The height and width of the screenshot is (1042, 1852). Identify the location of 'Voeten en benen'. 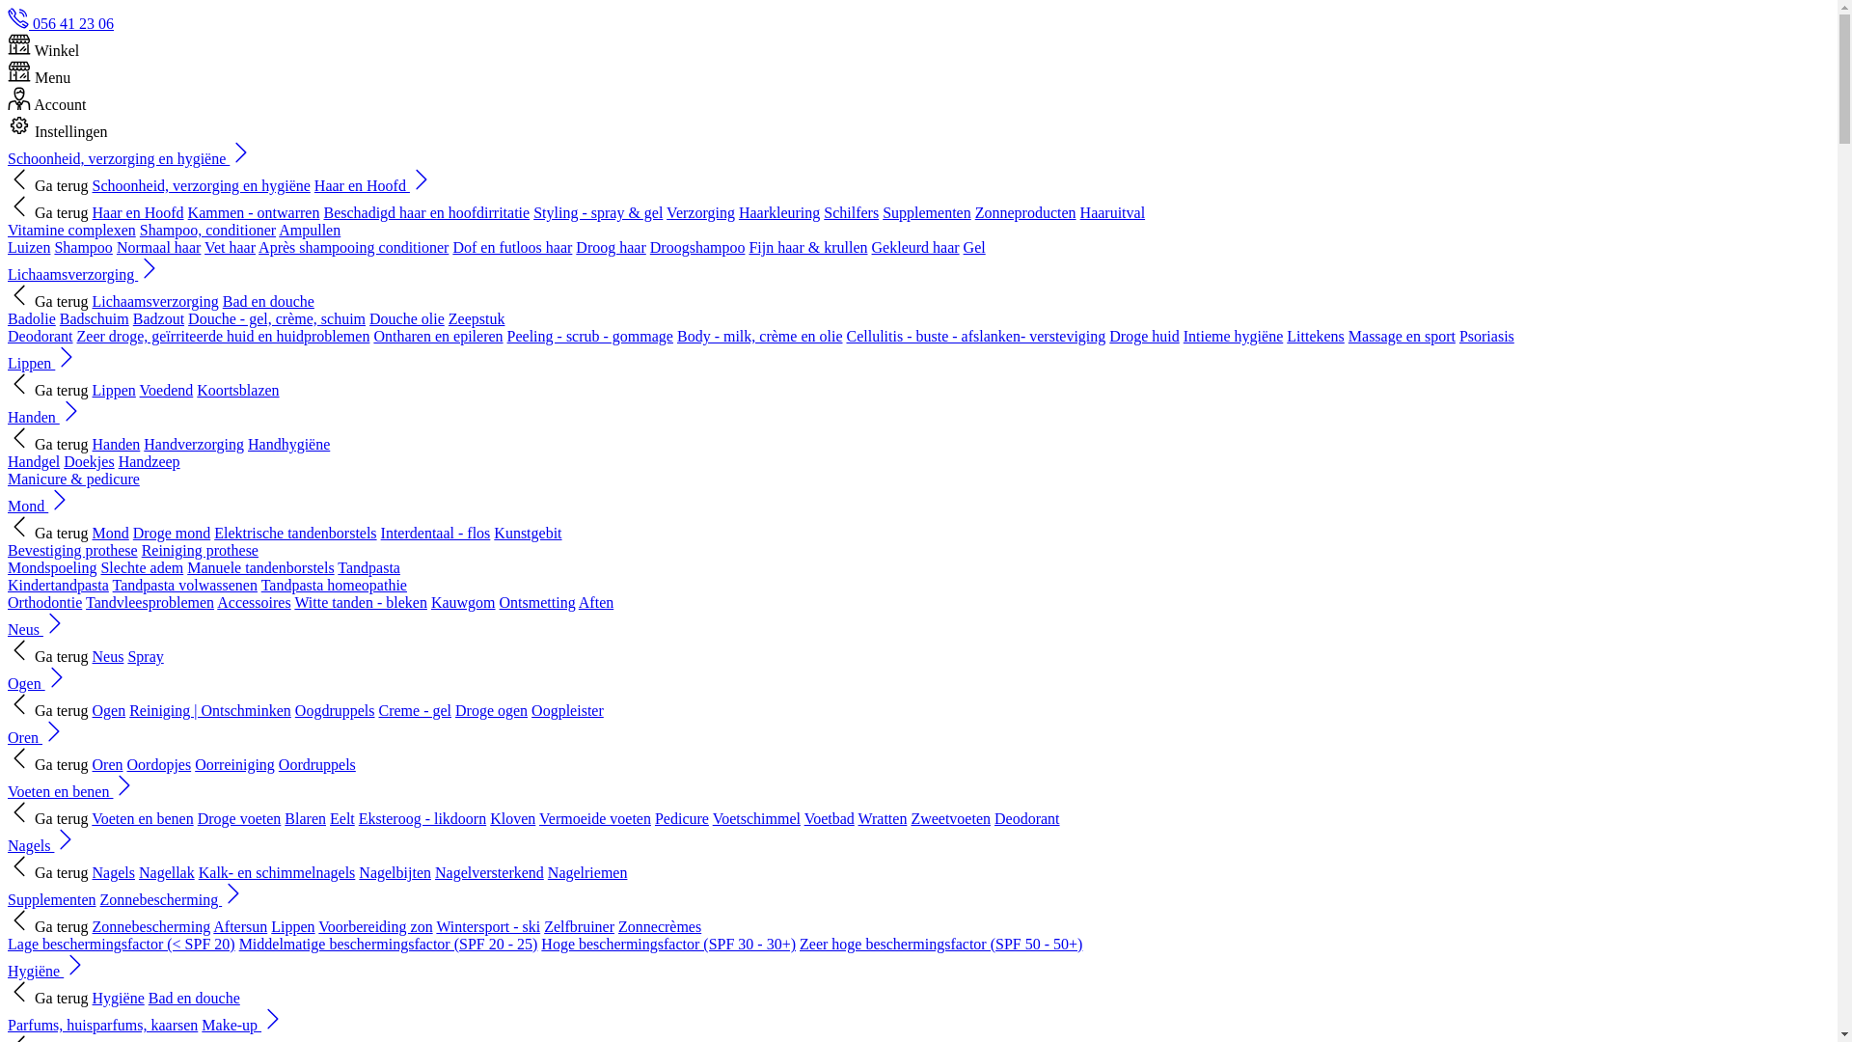
(71, 791).